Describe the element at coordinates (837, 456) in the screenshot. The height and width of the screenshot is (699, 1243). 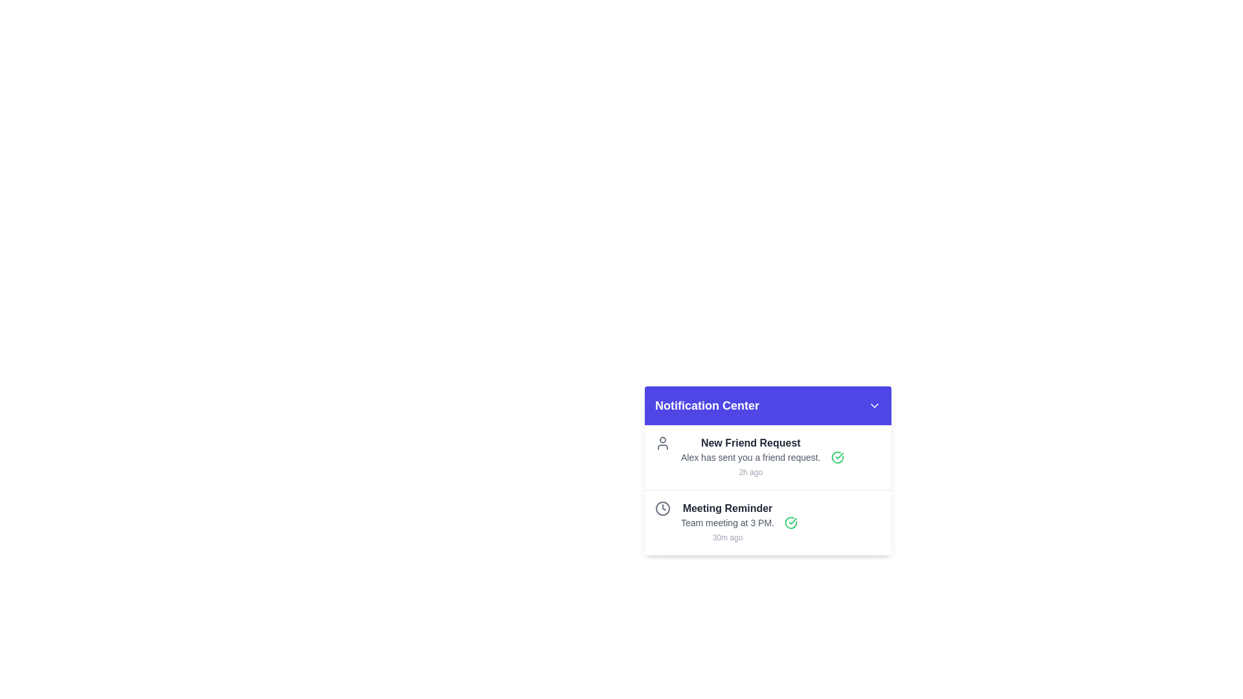
I see `the green circular arc element that is part of the check-inside-circle icon` at that location.